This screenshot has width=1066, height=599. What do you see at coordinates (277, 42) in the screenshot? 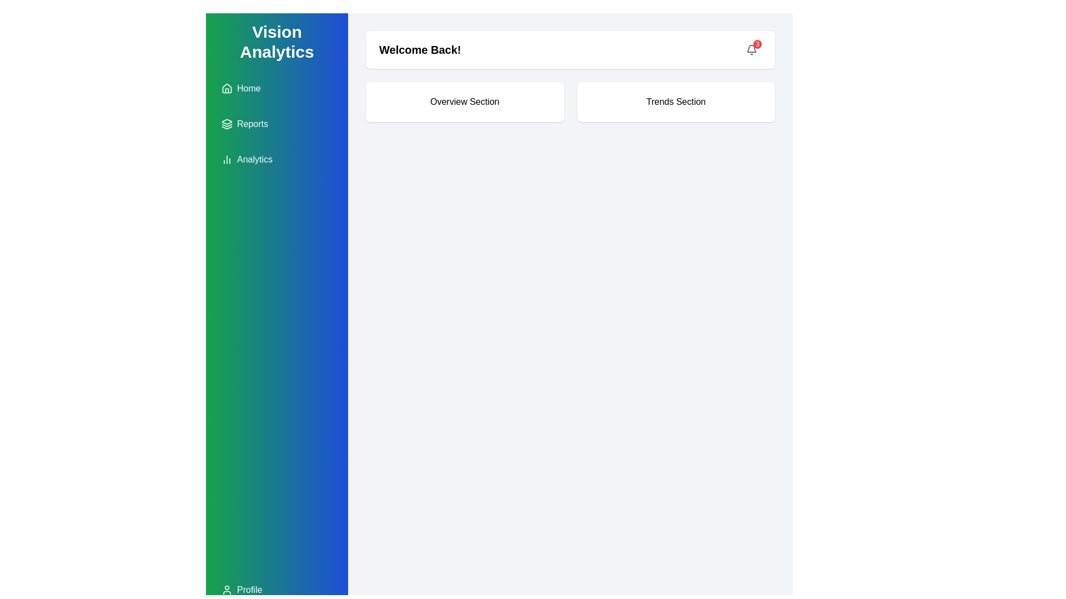
I see `text label 'Vision Analytics' located at the top of the sidebar, which is styled in bold and large white font against a gradient background` at bounding box center [277, 42].